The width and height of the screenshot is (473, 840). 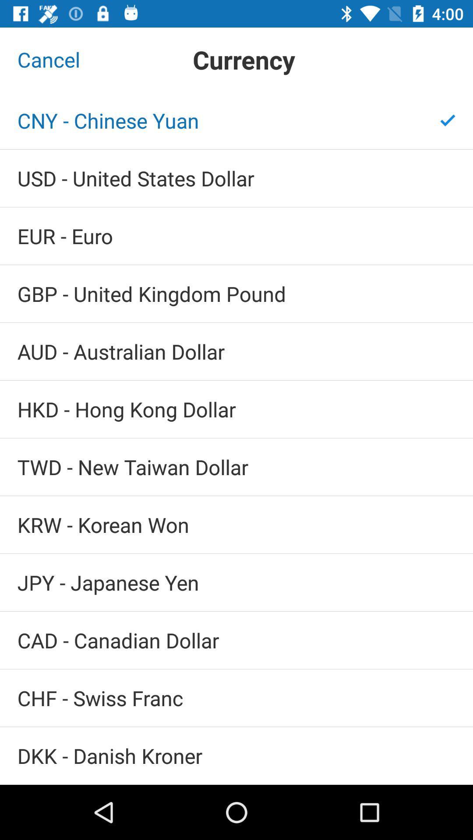 I want to click on the cancel icon, so click(x=49, y=59).